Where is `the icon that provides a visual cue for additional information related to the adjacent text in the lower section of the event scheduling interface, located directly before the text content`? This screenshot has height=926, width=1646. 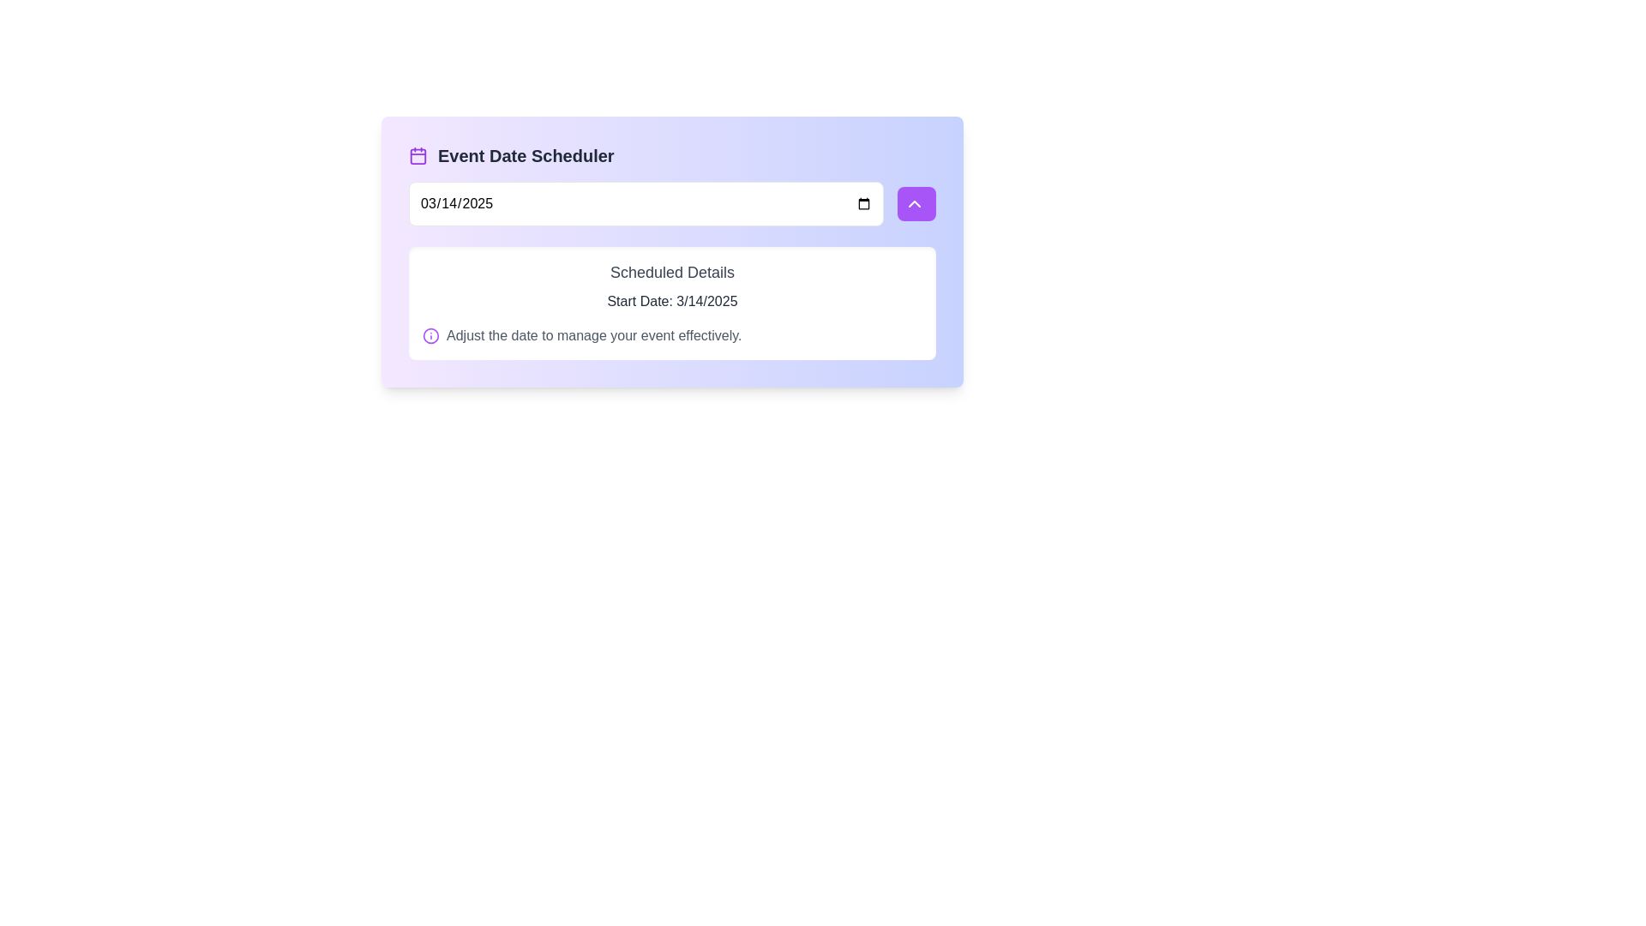 the icon that provides a visual cue for additional information related to the adjacent text in the lower section of the event scheduling interface, located directly before the text content is located at coordinates (431, 336).